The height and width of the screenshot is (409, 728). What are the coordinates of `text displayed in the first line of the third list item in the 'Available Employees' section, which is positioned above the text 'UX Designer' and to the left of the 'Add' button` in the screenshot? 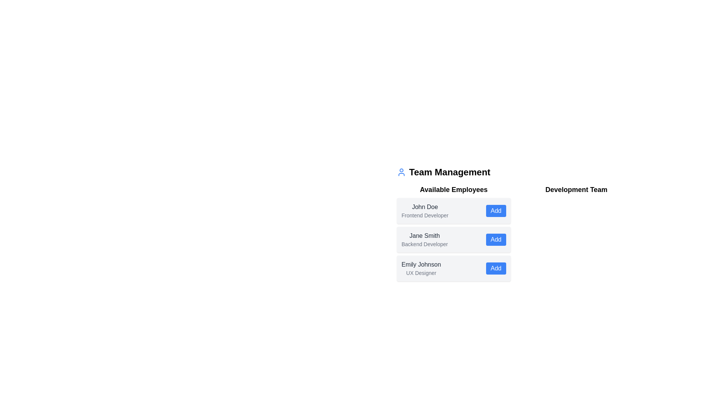 It's located at (421, 264).